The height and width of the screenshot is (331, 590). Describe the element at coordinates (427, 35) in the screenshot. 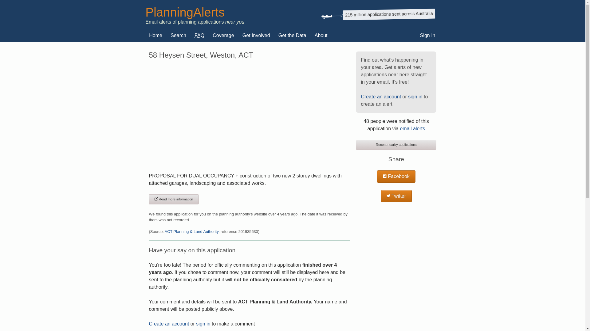

I see `'Sign In'` at that location.